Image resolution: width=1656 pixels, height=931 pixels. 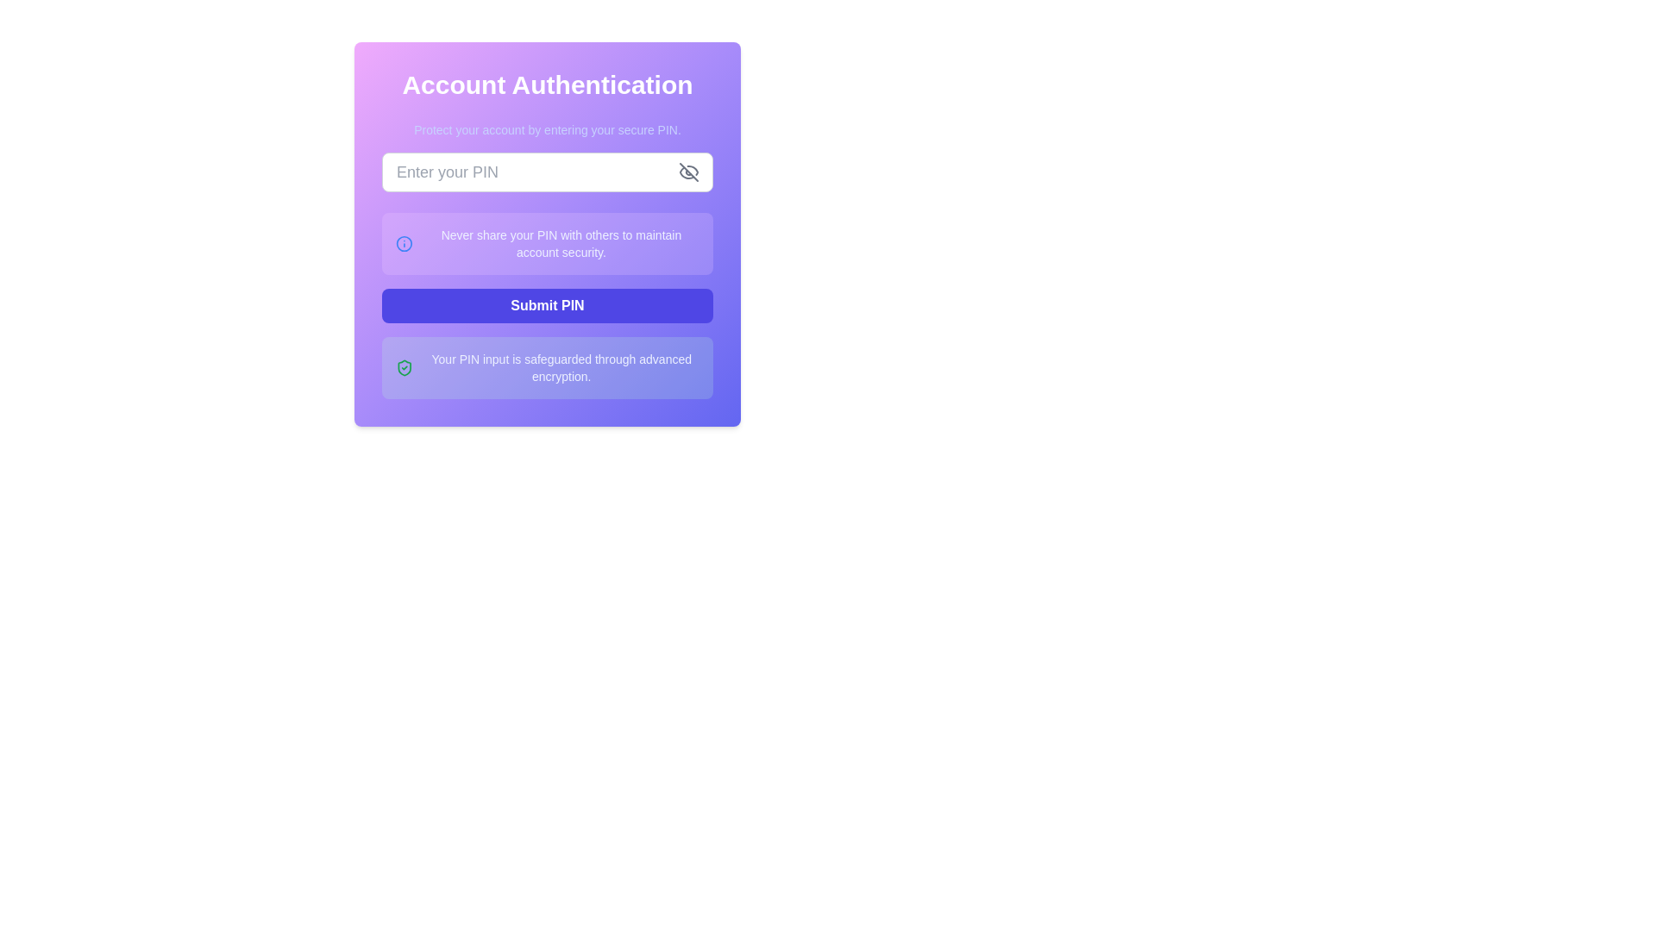 What do you see at coordinates (561, 243) in the screenshot?
I see `the text label that reads 'Never share your PIN with others to maintain account security', which is centered below the PIN input field and above the Submit button, with a slightly transparent lavender background` at bounding box center [561, 243].